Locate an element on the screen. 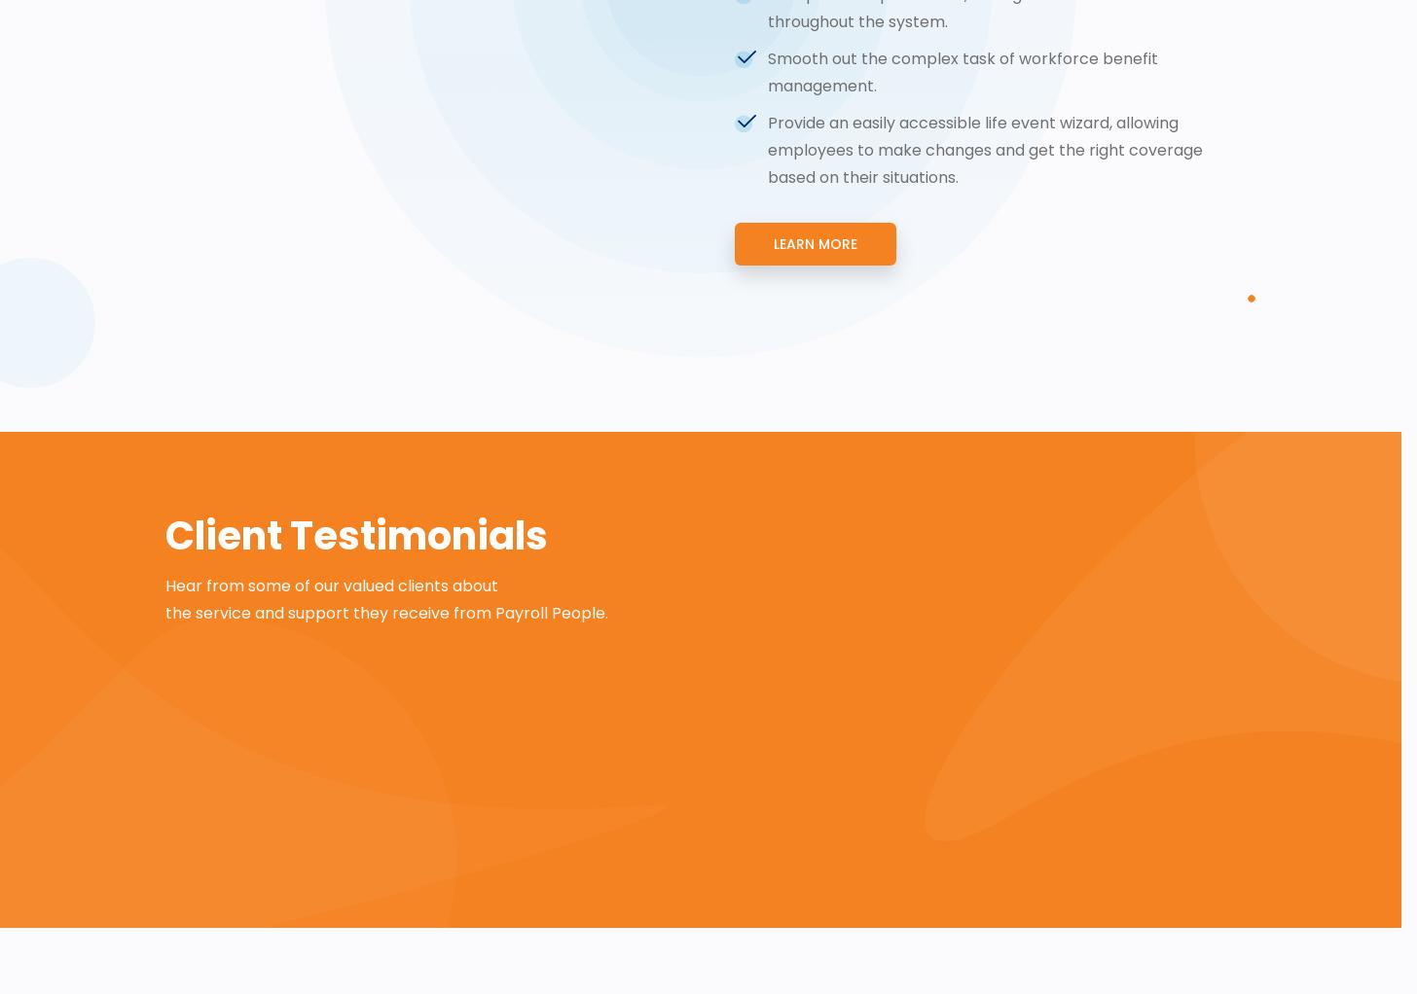 This screenshot has width=1417, height=994. 'Smooth out the complex task of workforce benefit management.' is located at coordinates (768, 71).